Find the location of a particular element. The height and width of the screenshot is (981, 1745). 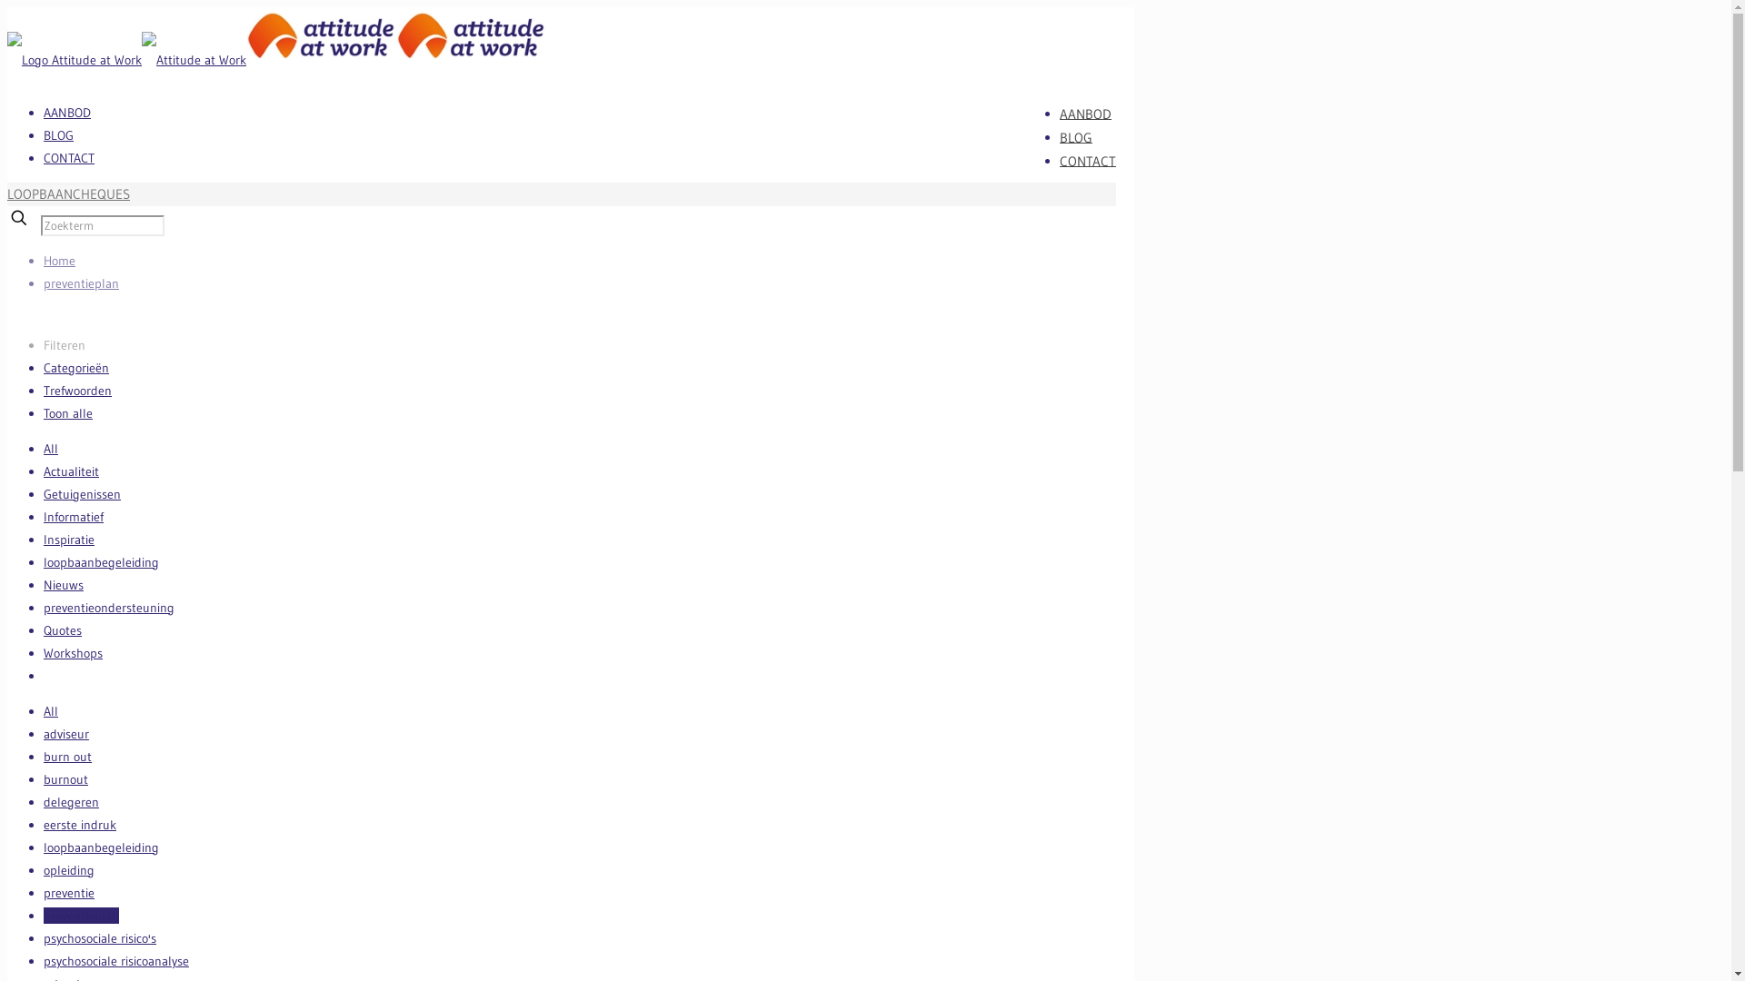

'eerste indruk' is located at coordinates (78, 824).